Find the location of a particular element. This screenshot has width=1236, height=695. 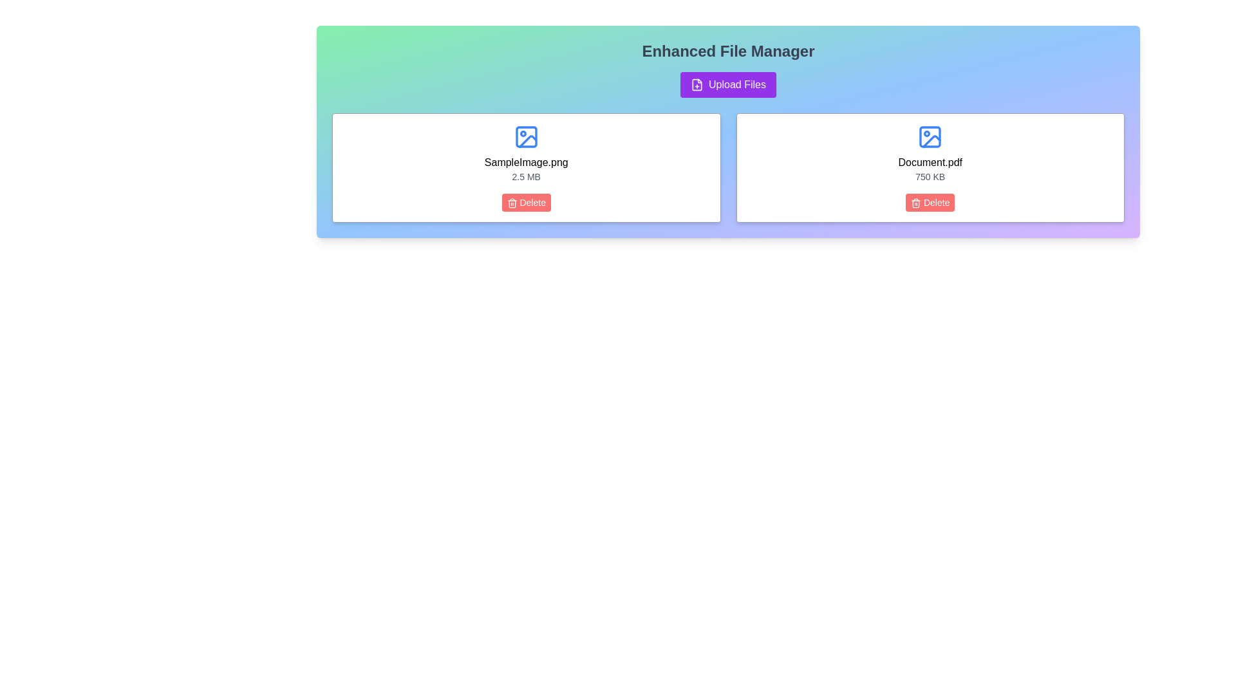

the static text label that displays the file size of the image, located below 'SampleImage.png' and above the 'Delete' button is located at coordinates (526, 176).